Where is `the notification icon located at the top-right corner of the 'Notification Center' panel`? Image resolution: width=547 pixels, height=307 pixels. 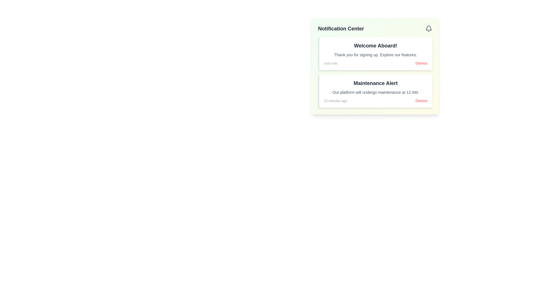 the notification icon located at the top-right corner of the 'Notification Center' panel is located at coordinates (428, 28).